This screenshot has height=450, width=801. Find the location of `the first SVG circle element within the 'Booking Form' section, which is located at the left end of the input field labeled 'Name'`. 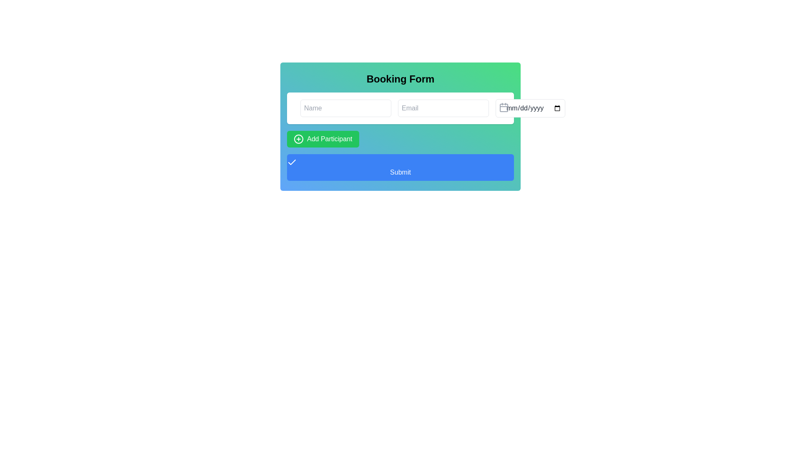

the first SVG circle element within the 'Booking Form' section, which is located at the left end of the input field labeled 'Name' is located at coordinates (298, 107).